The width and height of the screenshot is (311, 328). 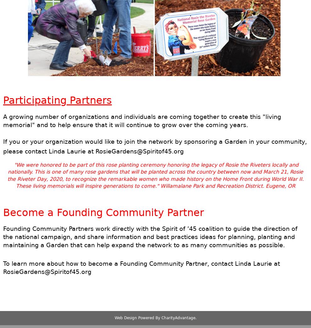 I want to click on 'To learn more about how to become a Founding Community Partner, contact Linda Laurie at RosieGardens@Spiritof45.org', so click(x=141, y=268).